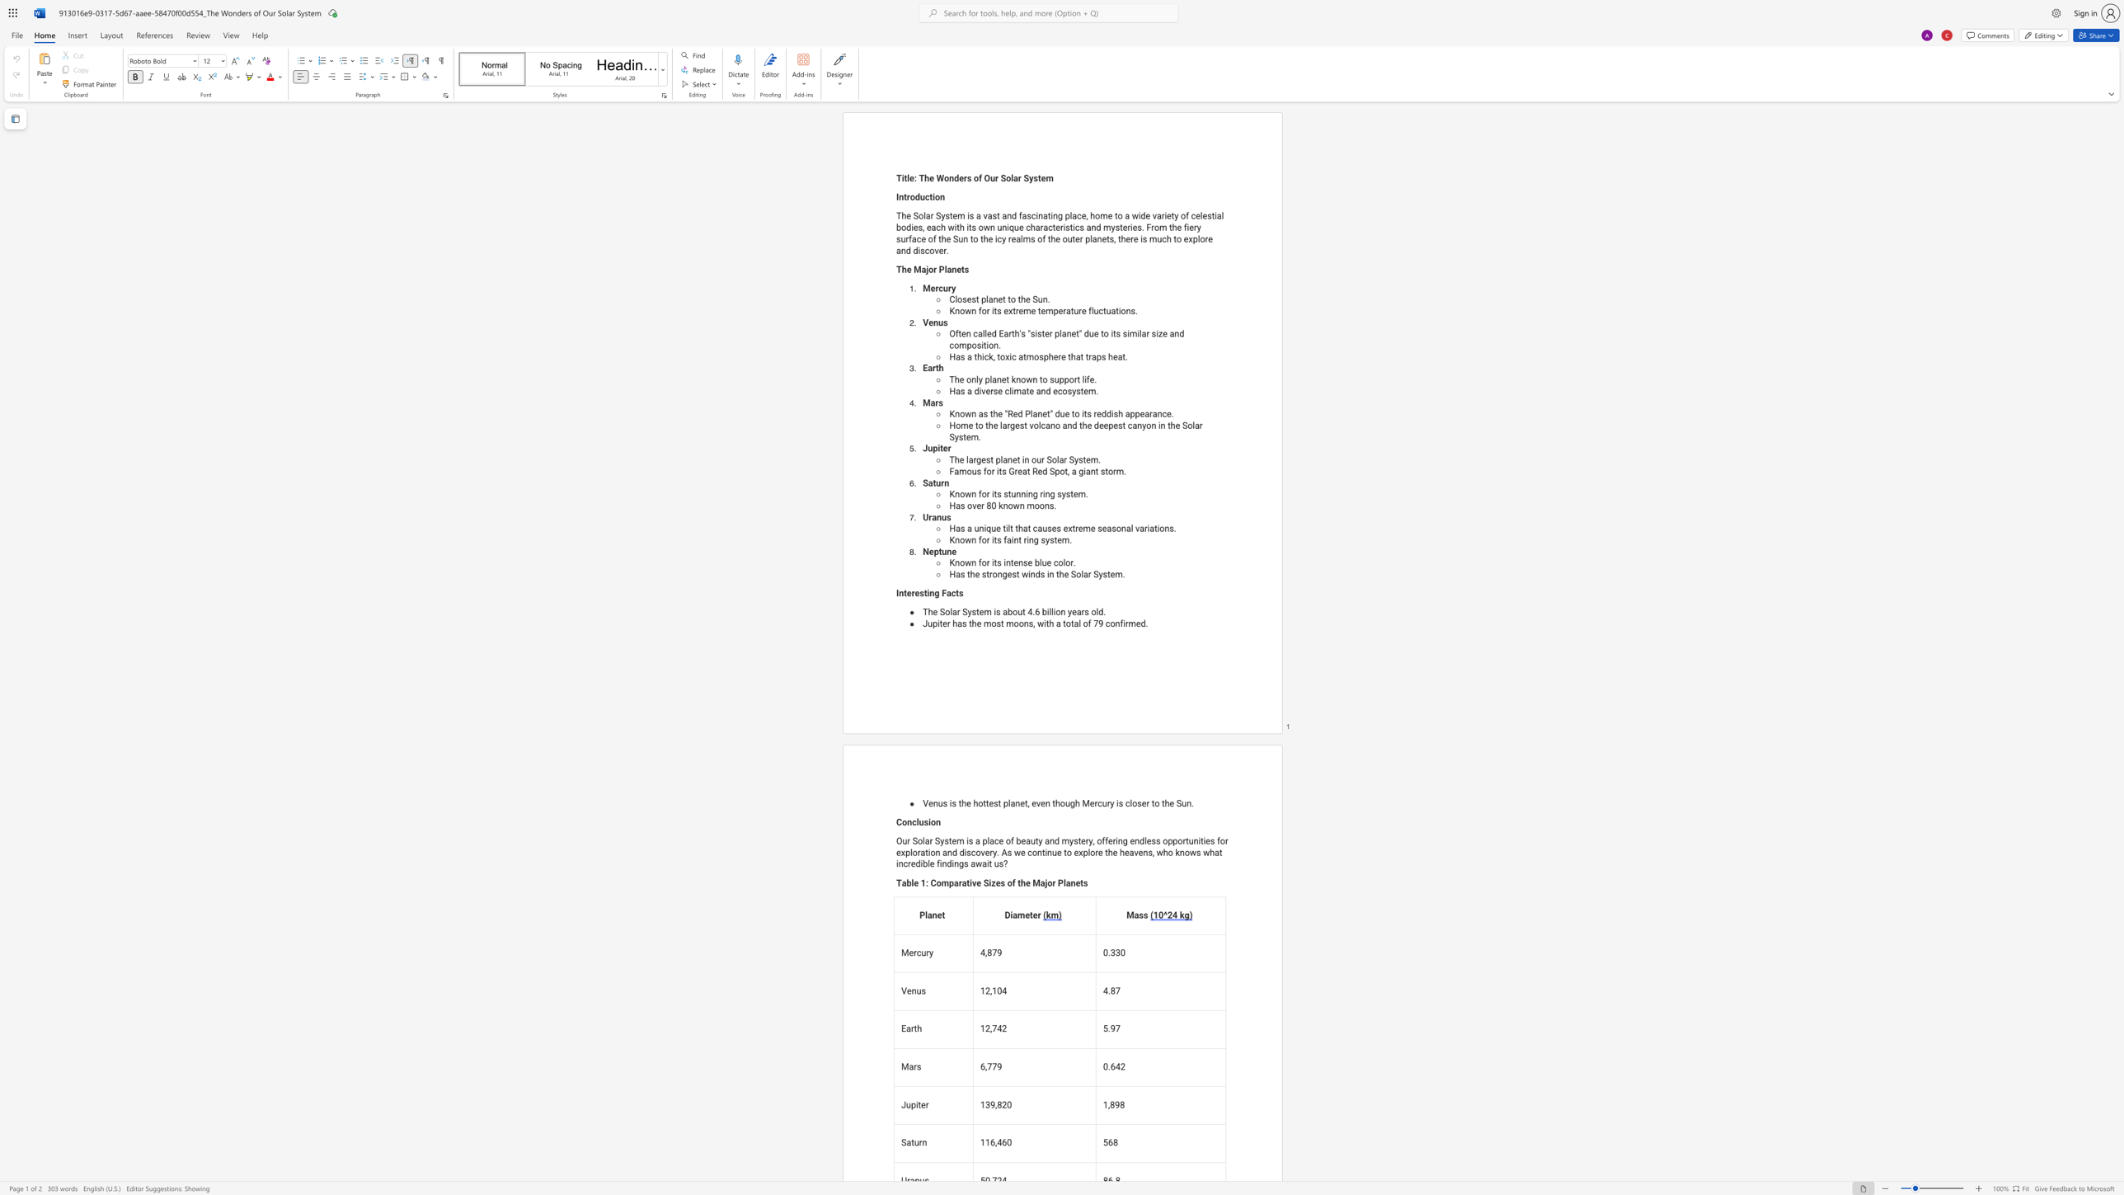  I want to click on the space between the continuous character "o" and "s" in the text, so click(961, 299).